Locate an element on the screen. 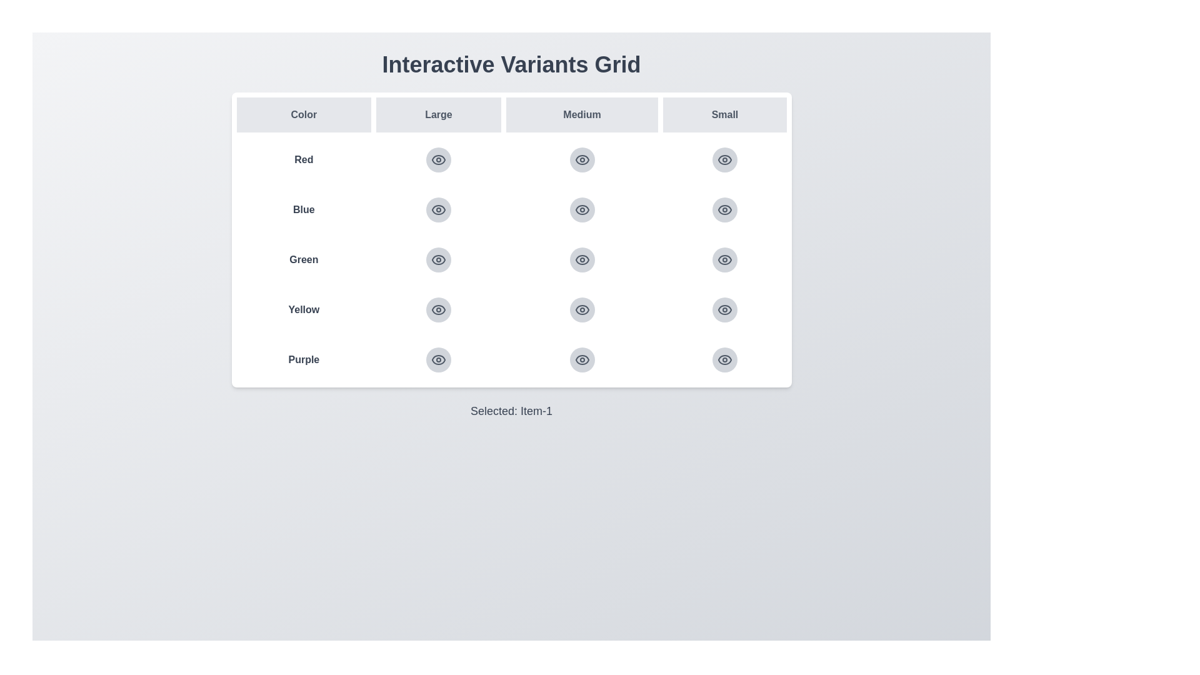  the icon-button located in the bottom-right corner cell of the grid is located at coordinates (725, 209).